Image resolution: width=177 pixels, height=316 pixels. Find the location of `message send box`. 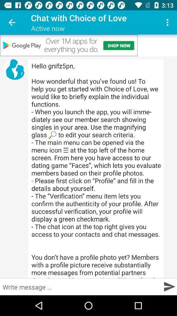

message send box is located at coordinates (169, 286).